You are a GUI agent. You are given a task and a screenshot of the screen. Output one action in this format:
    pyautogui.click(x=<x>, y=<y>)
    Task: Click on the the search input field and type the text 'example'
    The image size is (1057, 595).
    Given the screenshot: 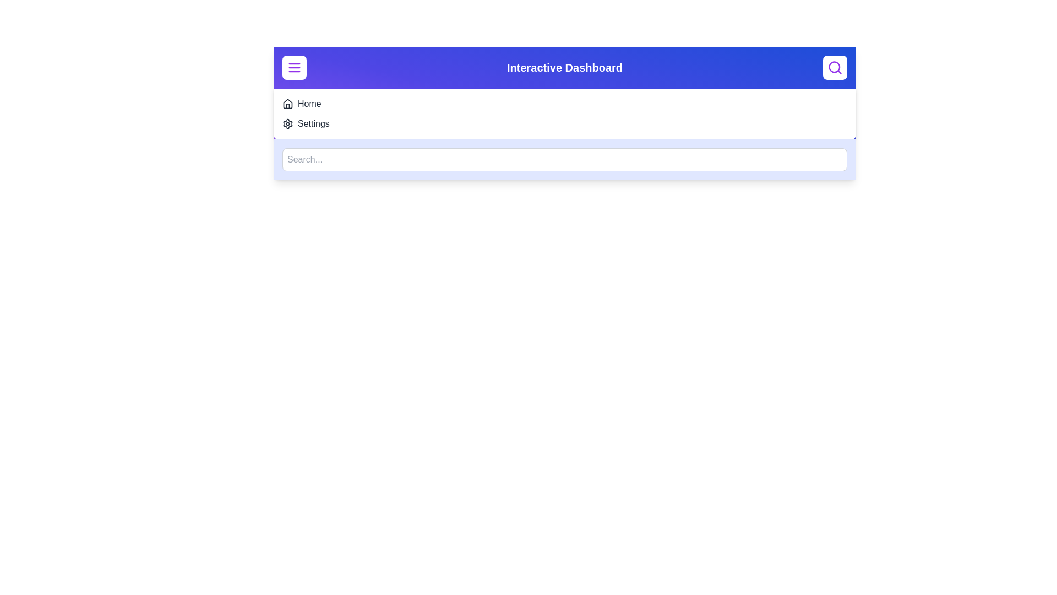 What is the action you would take?
    pyautogui.click(x=565, y=159)
    